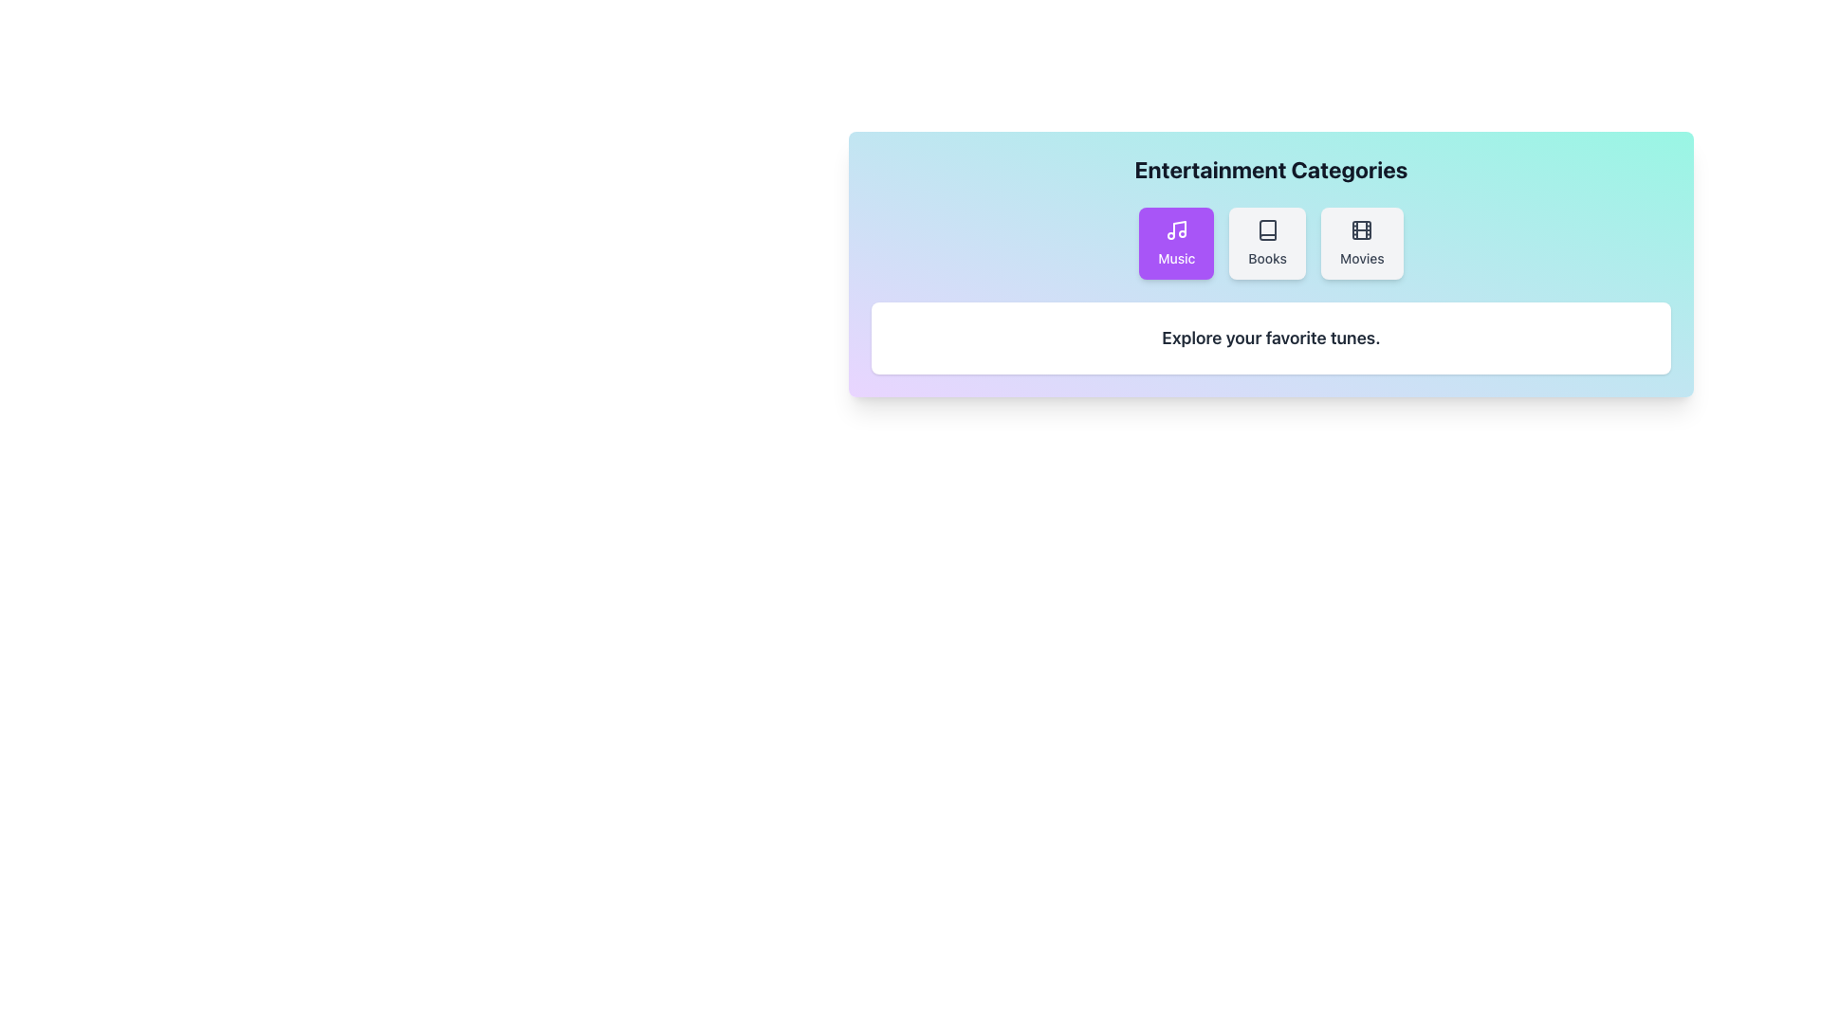 This screenshot has height=1024, width=1821. I want to click on the 'Music' category selection button located in the 'Entertainment Categories' section at the top-center of the layout, so click(1175, 243).